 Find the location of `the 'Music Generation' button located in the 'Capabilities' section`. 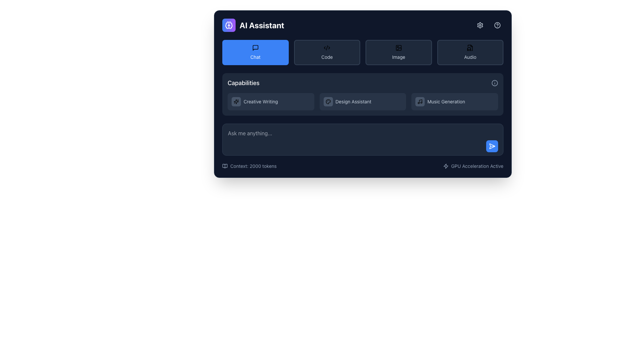

the 'Music Generation' button located in the 'Capabilities' section is located at coordinates (454, 101).